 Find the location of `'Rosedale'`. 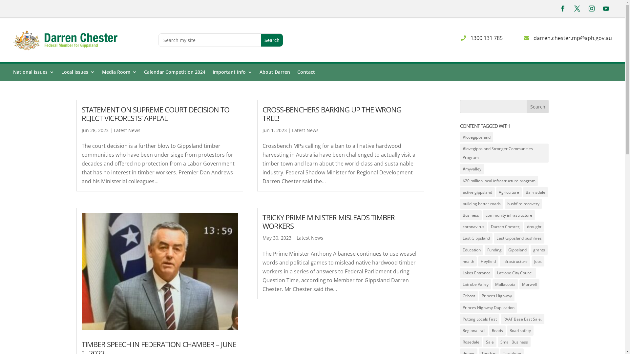

'Rosedale' is located at coordinates (471, 342).